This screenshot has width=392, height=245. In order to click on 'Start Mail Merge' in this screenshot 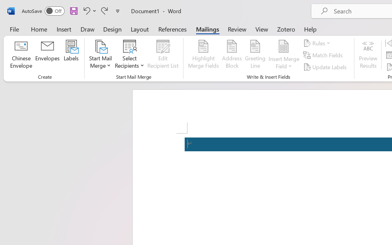, I will do `click(100, 55)`.